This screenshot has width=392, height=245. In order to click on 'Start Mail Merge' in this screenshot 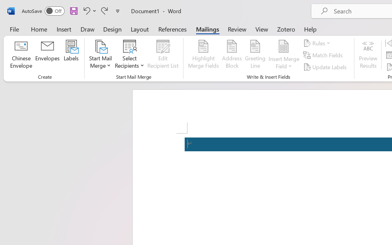, I will do `click(100, 55)`.